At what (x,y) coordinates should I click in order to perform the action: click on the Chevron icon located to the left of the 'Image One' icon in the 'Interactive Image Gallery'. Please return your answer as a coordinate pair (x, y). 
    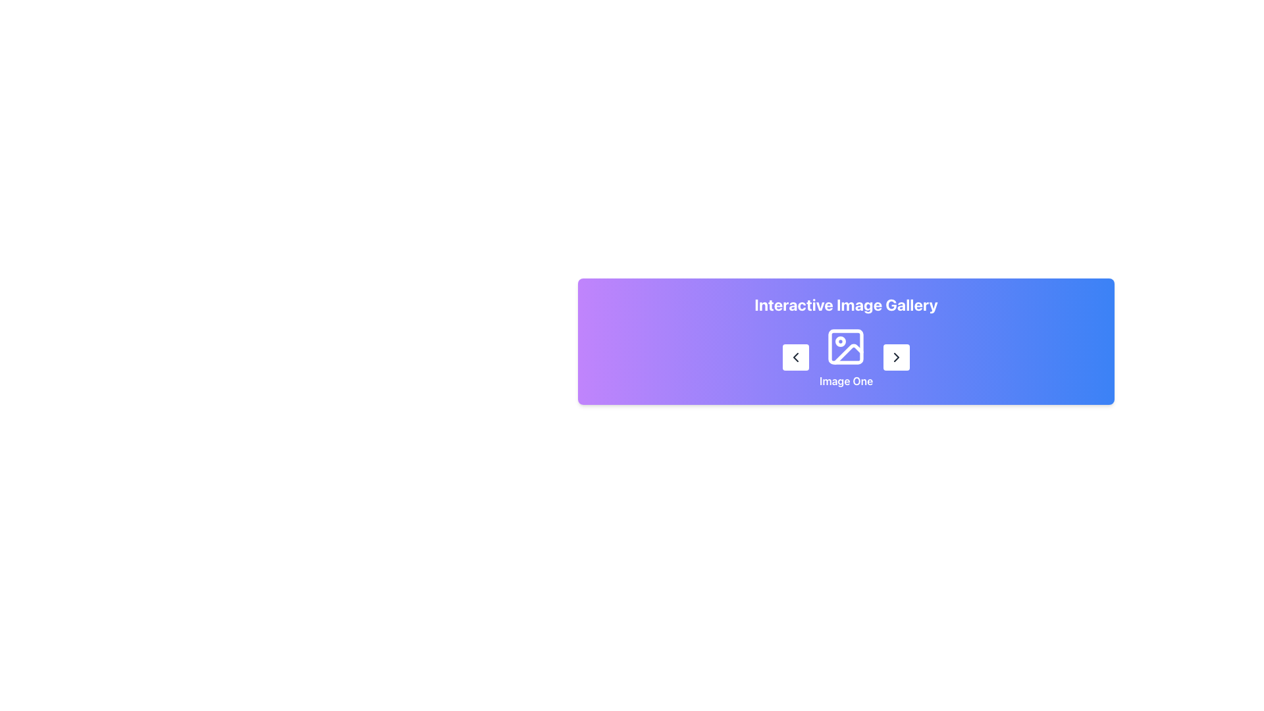
    Looking at the image, I should click on (795, 357).